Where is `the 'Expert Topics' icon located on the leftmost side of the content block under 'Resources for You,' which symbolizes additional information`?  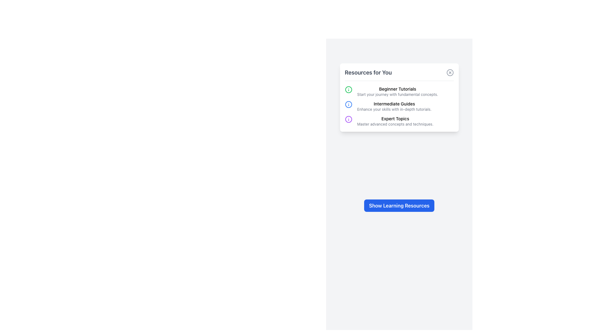 the 'Expert Topics' icon located on the leftmost side of the content block under 'Resources for You,' which symbolizes additional information is located at coordinates (348, 119).